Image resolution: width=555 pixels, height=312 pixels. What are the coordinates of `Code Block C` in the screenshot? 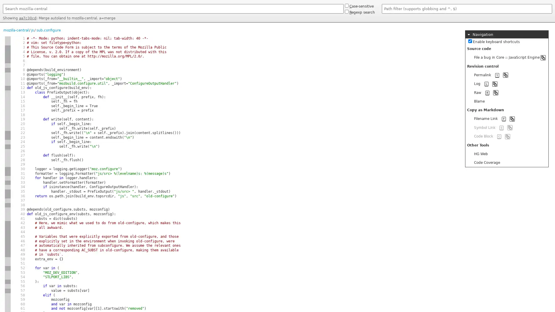 It's located at (506, 136).